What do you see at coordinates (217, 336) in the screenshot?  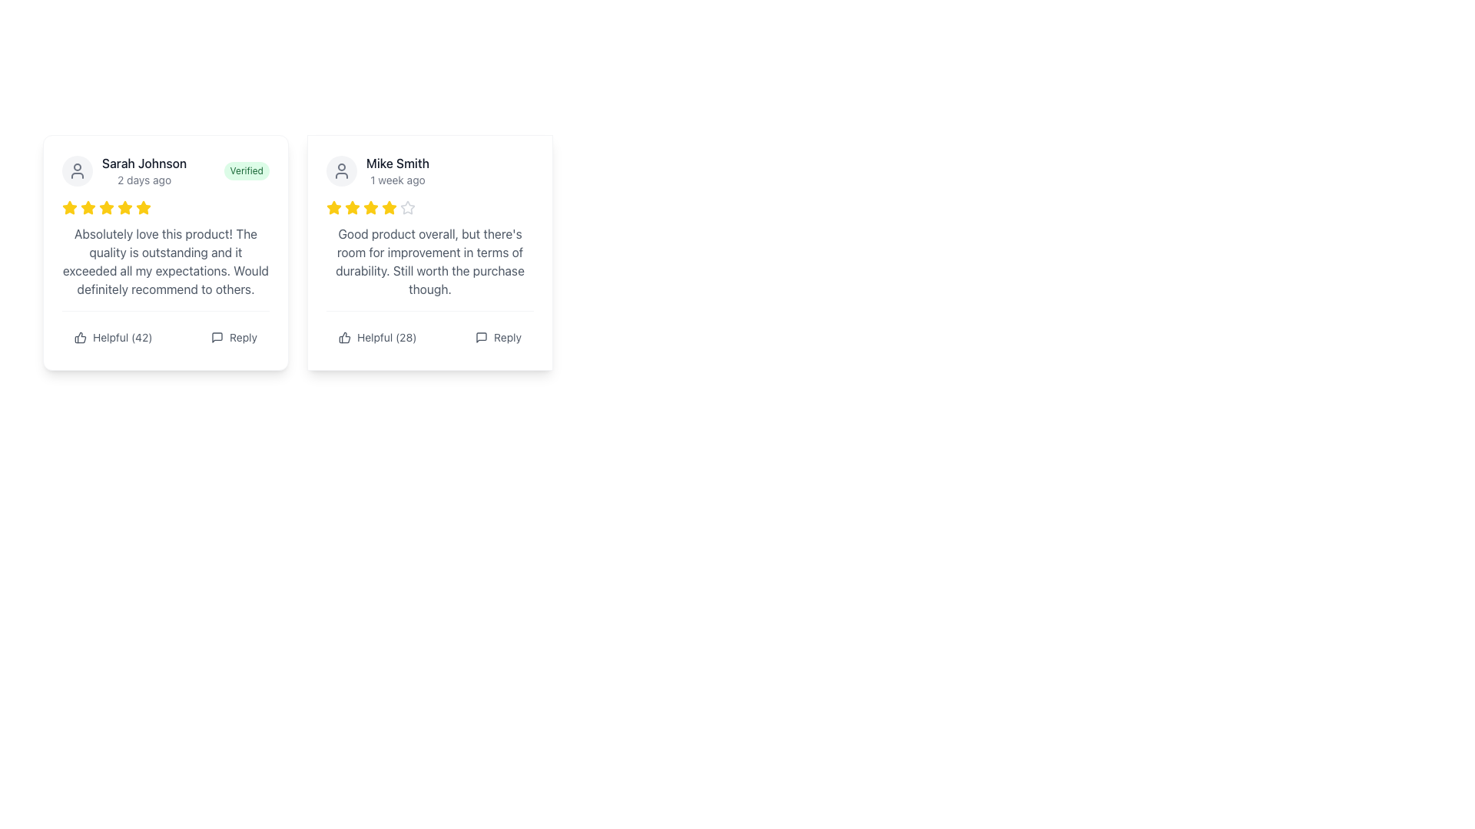 I see `the speech bubble icon located within the 'Reply' button in the bottom right corner of Sarah Johnson's review card` at bounding box center [217, 336].